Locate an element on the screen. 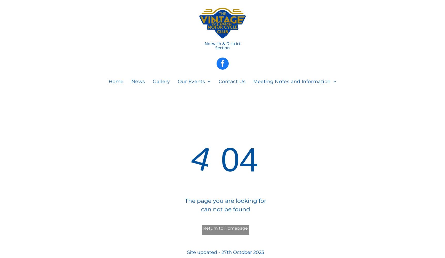  'Site updated - 27th October 2023' is located at coordinates (187, 252).